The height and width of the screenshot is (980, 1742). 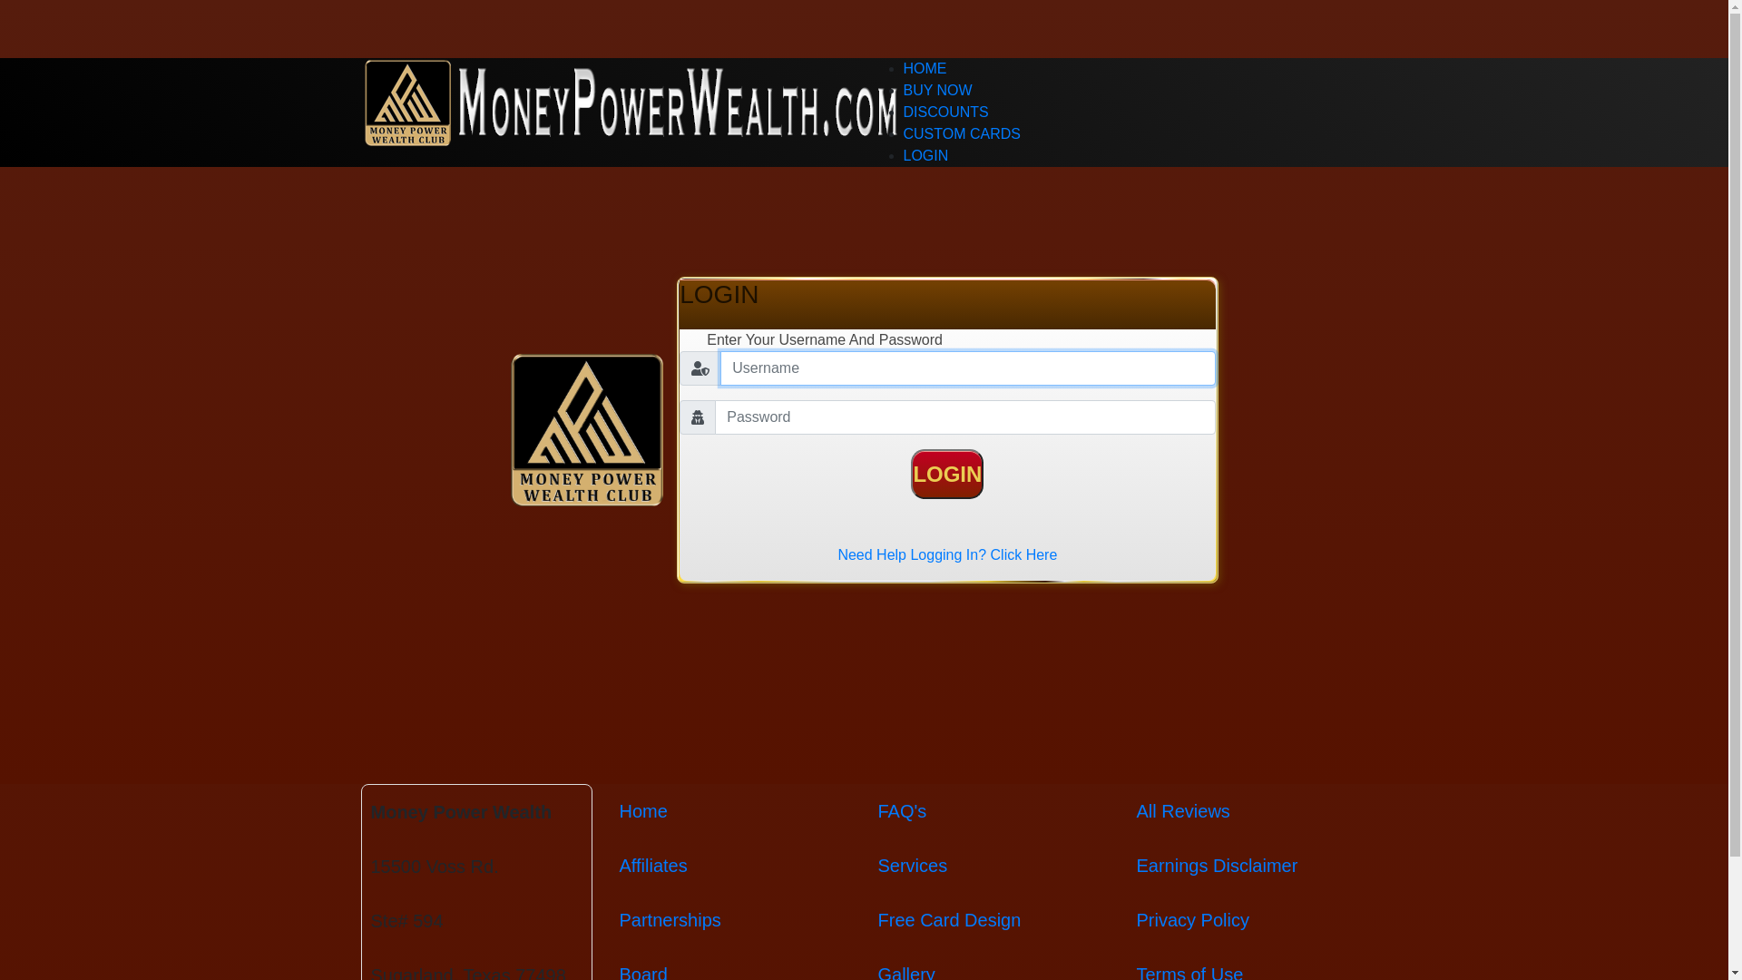 I want to click on 'Privacy Policy', so click(x=1192, y=920).